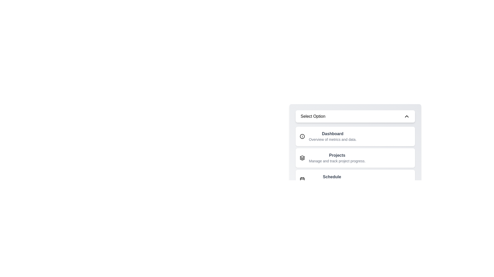  I want to click on the icon next to the Schedule menu item, so click(302, 179).